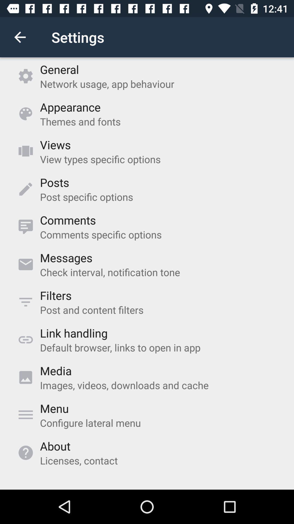  Describe the element at coordinates (59, 69) in the screenshot. I see `general item` at that location.